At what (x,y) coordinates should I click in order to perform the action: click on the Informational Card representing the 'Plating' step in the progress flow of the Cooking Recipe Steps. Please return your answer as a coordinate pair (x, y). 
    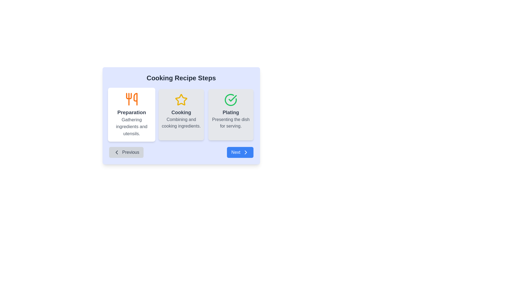
    Looking at the image, I should click on (231, 114).